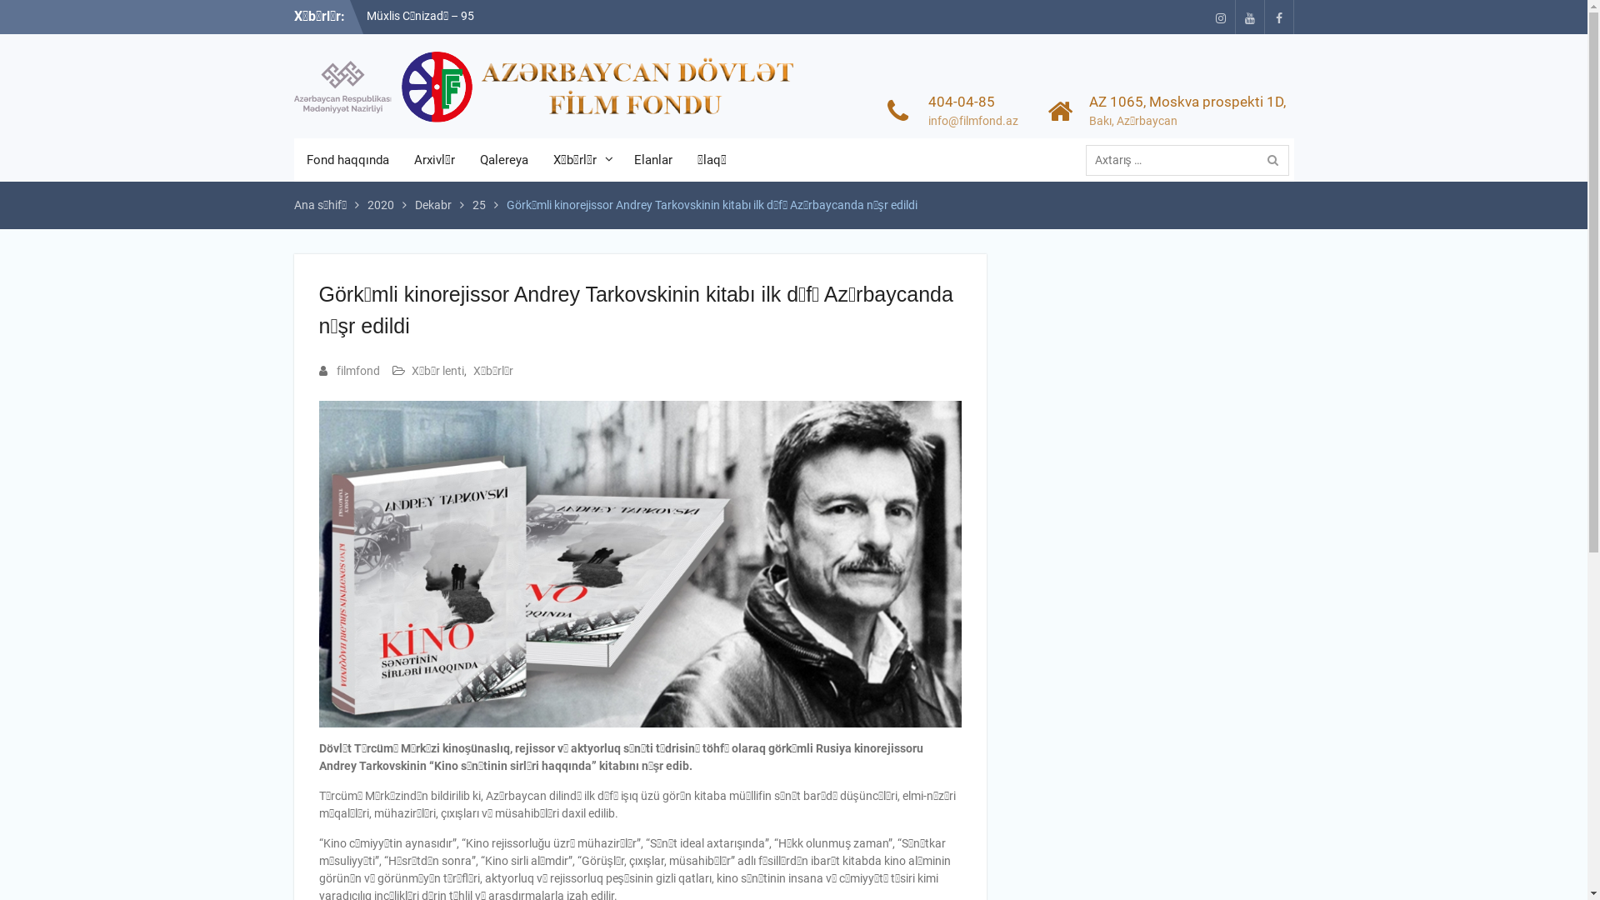 Image resolution: width=1600 pixels, height=900 pixels. I want to click on 'Elanlar', so click(652, 160).